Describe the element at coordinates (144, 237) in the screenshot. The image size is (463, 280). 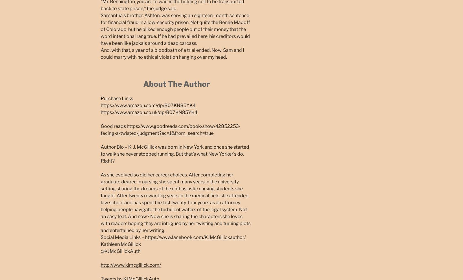
I see `'https://www.facebook.com/KJMcGillickauthor/'` at that location.